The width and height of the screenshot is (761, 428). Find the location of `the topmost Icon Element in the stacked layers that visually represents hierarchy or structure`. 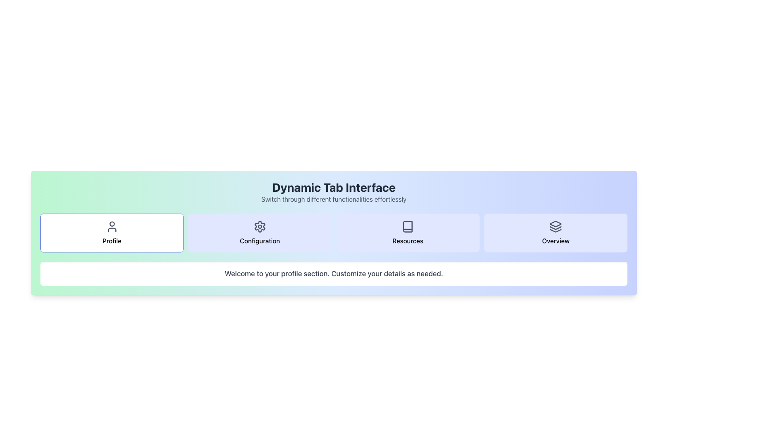

the topmost Icon Element in the stacked layers that visually represents hierarchy or structure is located at coordinates (555, 224).